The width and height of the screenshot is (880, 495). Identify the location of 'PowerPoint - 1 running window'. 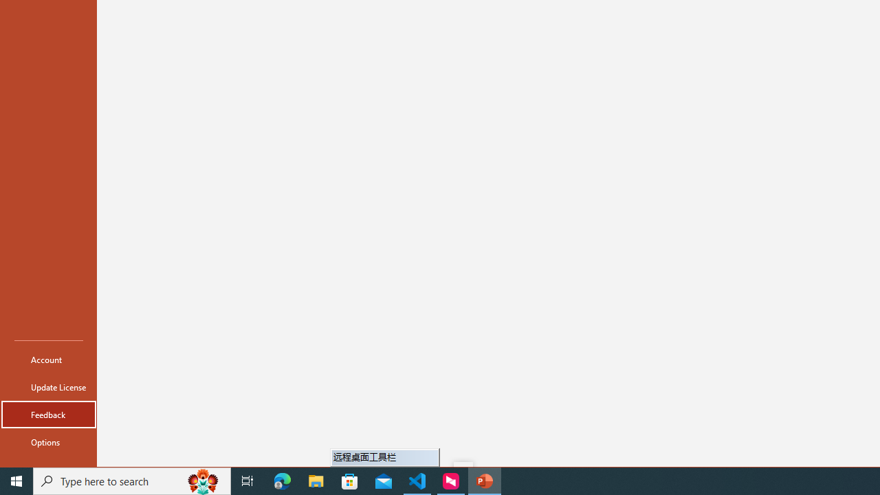
(485, 480).